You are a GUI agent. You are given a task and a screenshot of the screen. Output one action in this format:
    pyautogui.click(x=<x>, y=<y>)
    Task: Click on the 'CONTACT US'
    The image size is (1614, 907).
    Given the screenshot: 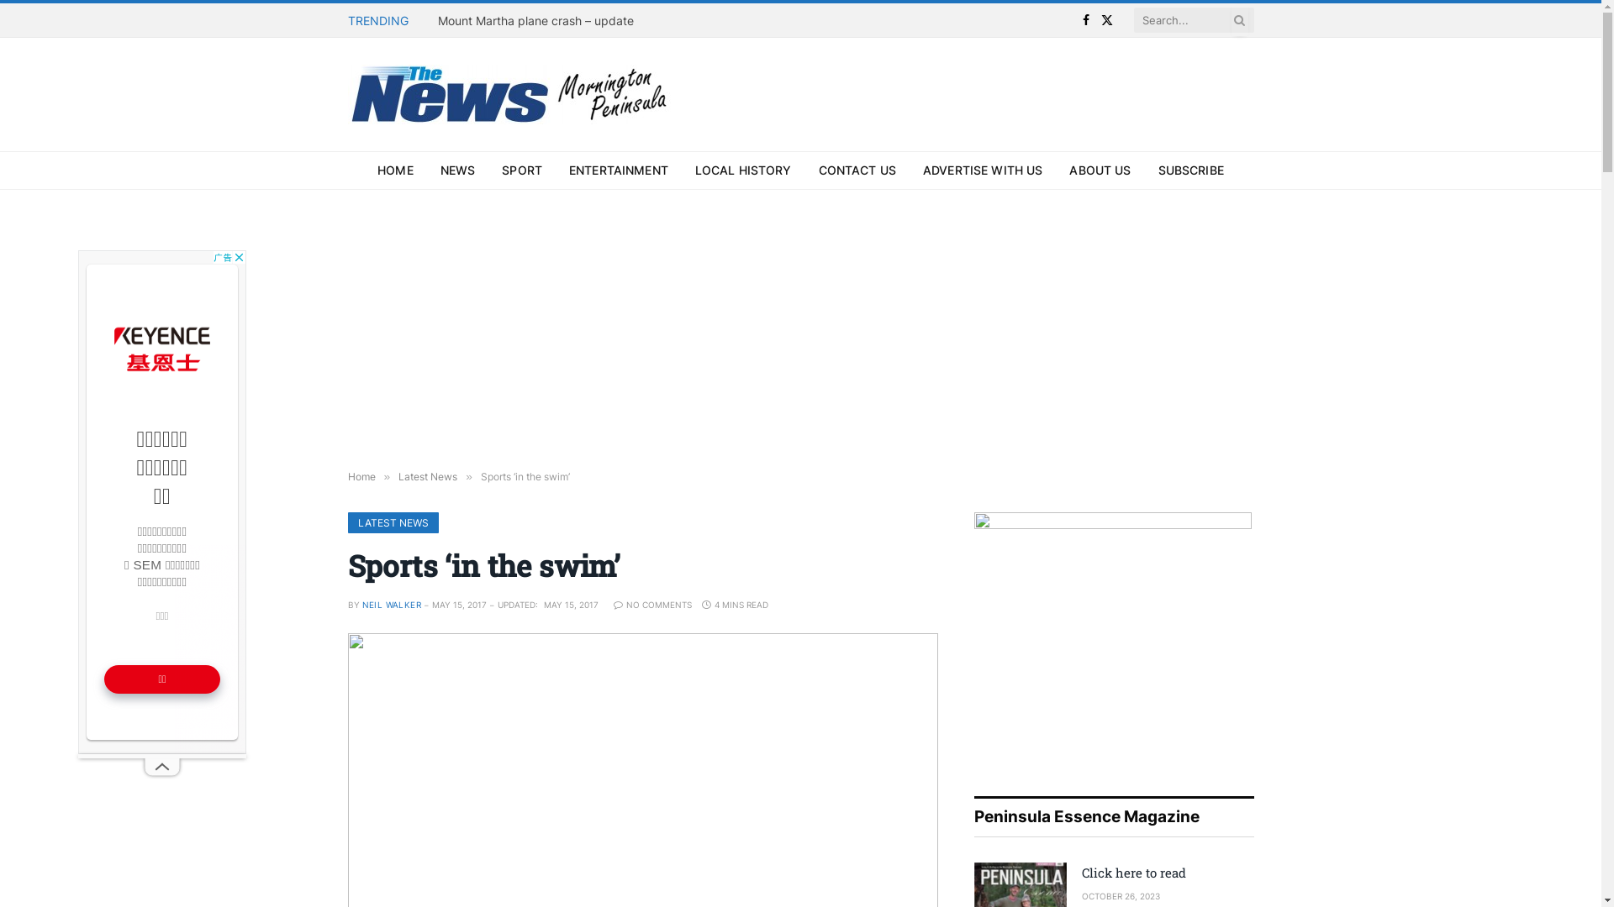 What is the action you would take?
    pyautogui.click(x=857, y=170)
    